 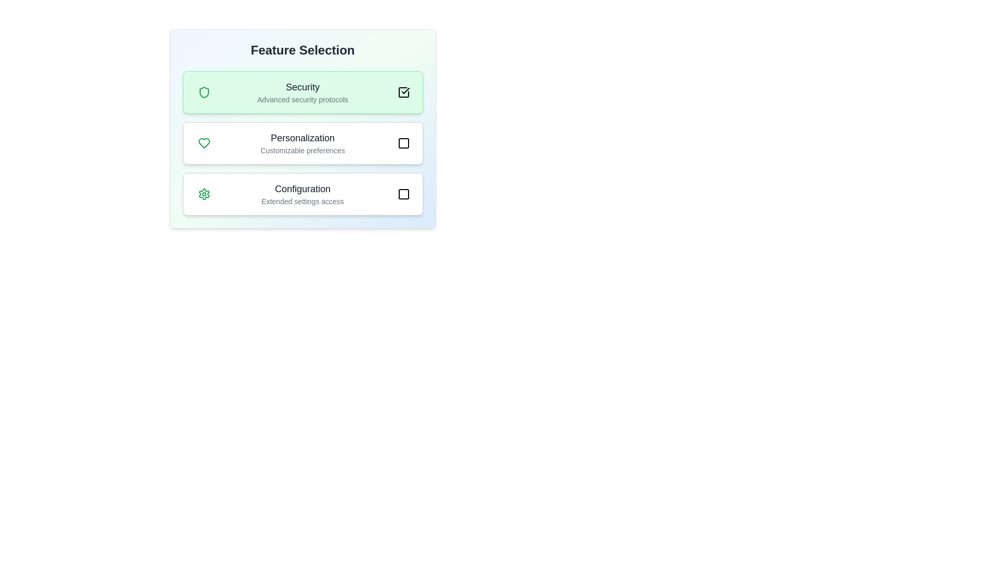 I want to click on the small circular button with a square icon located to the right of the 'Configuration' option, so click(x=403, y=194).